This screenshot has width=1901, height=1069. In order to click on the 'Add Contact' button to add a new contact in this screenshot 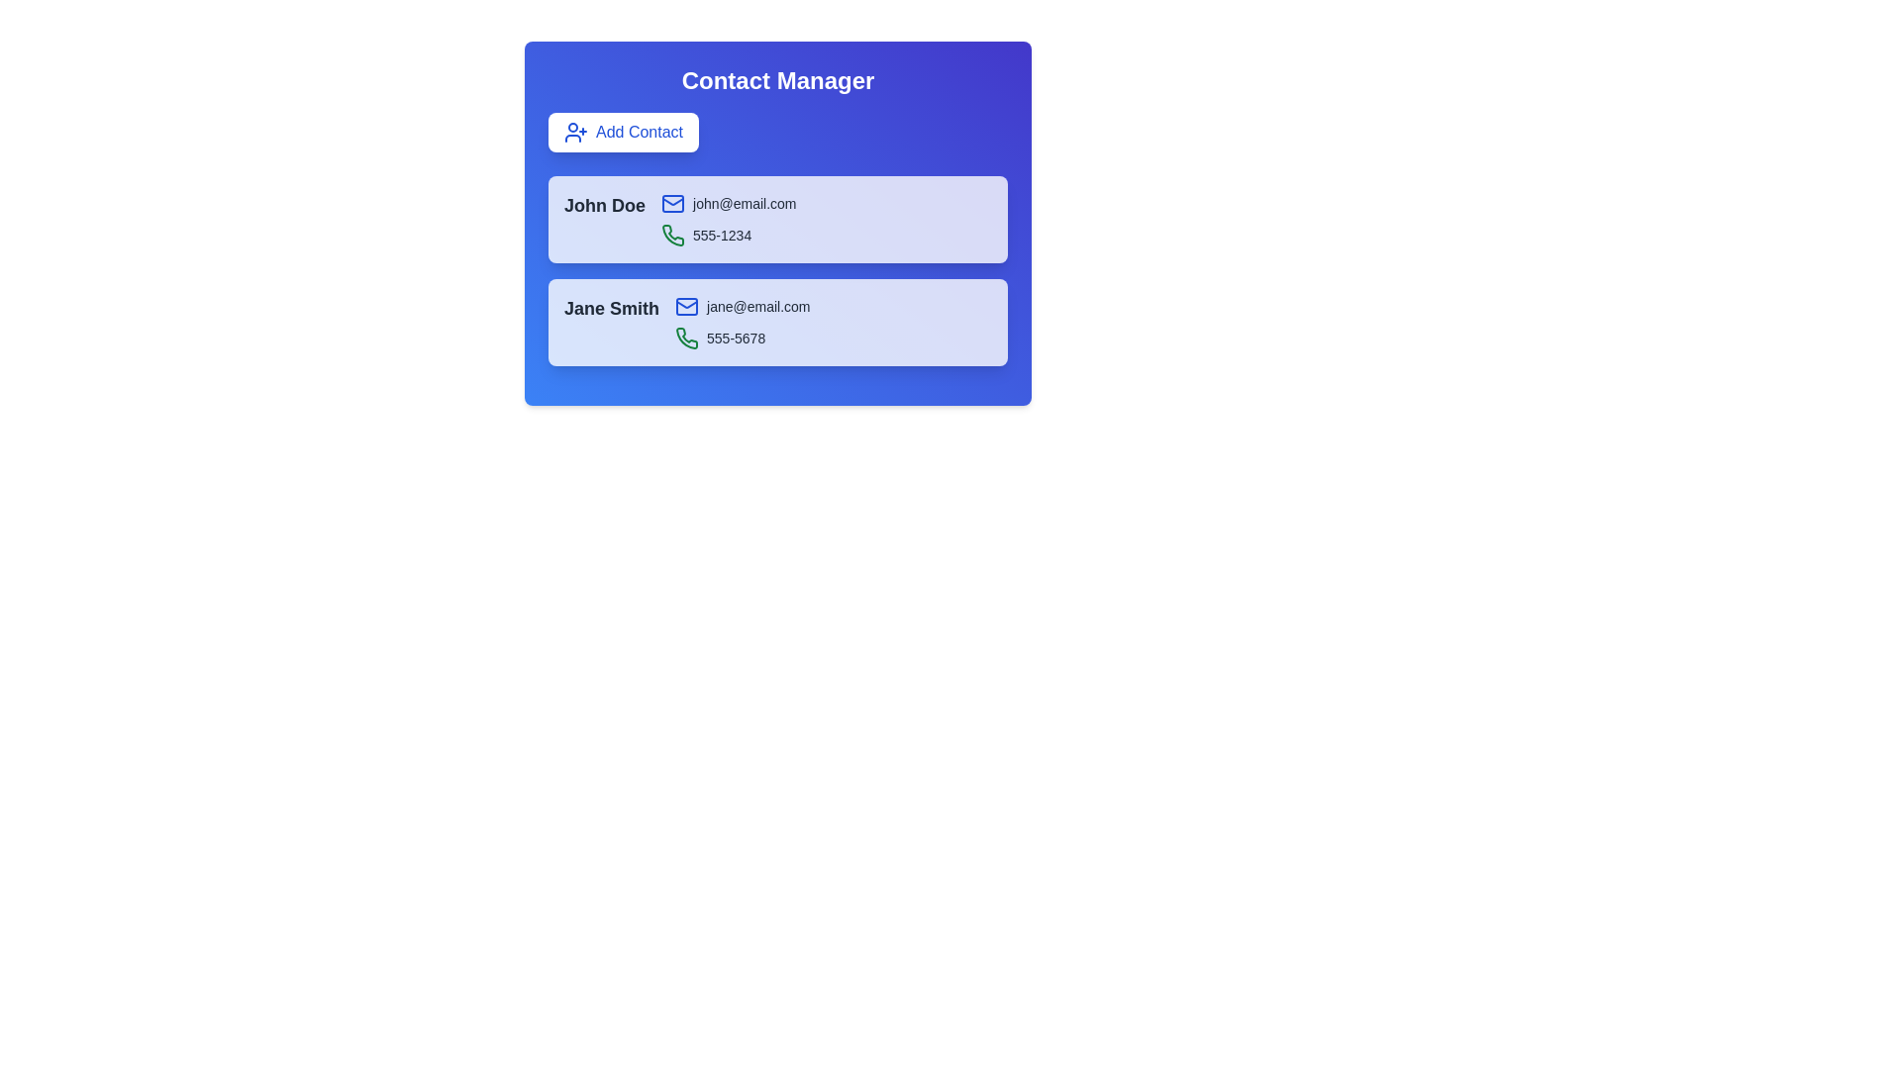, I will do `click(622, 133)`.